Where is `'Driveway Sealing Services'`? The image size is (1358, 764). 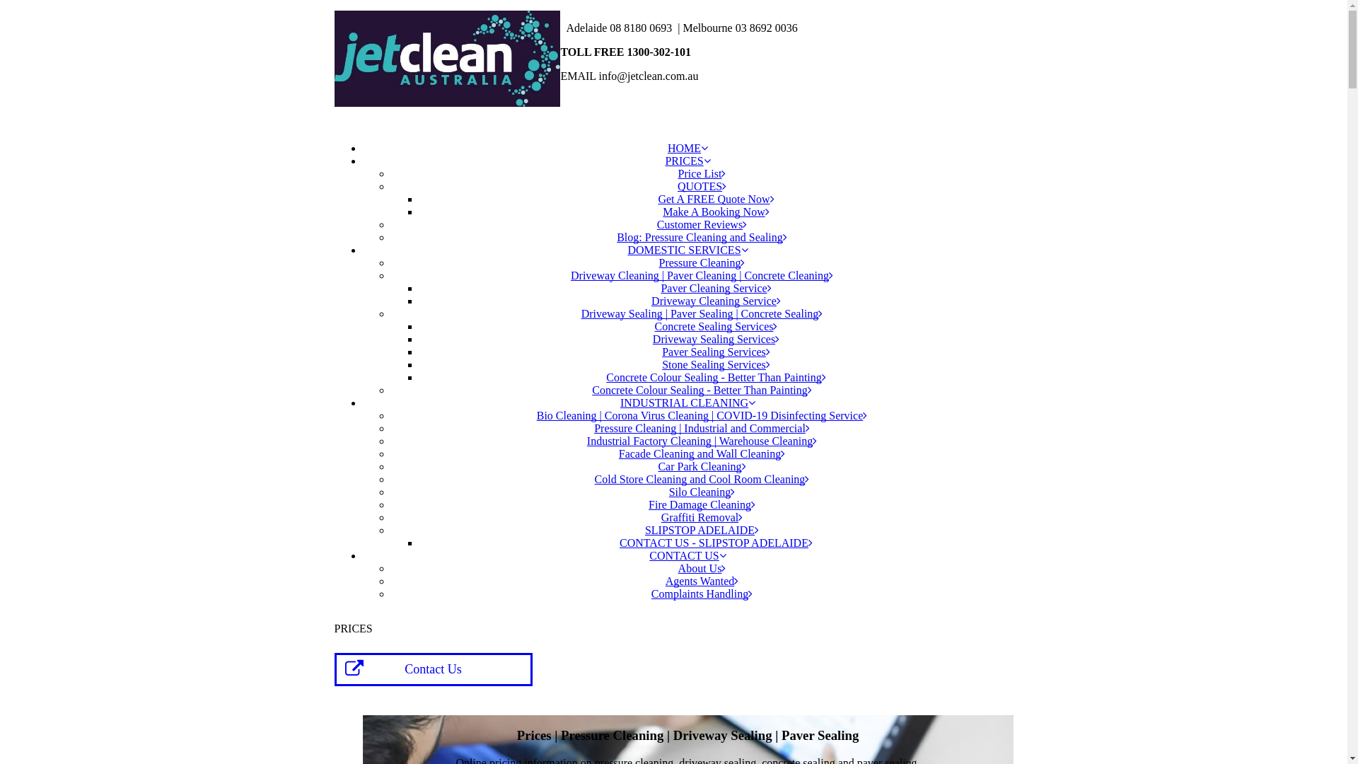
'Driveway Sealing Services' is located at coordinates (716, 339).